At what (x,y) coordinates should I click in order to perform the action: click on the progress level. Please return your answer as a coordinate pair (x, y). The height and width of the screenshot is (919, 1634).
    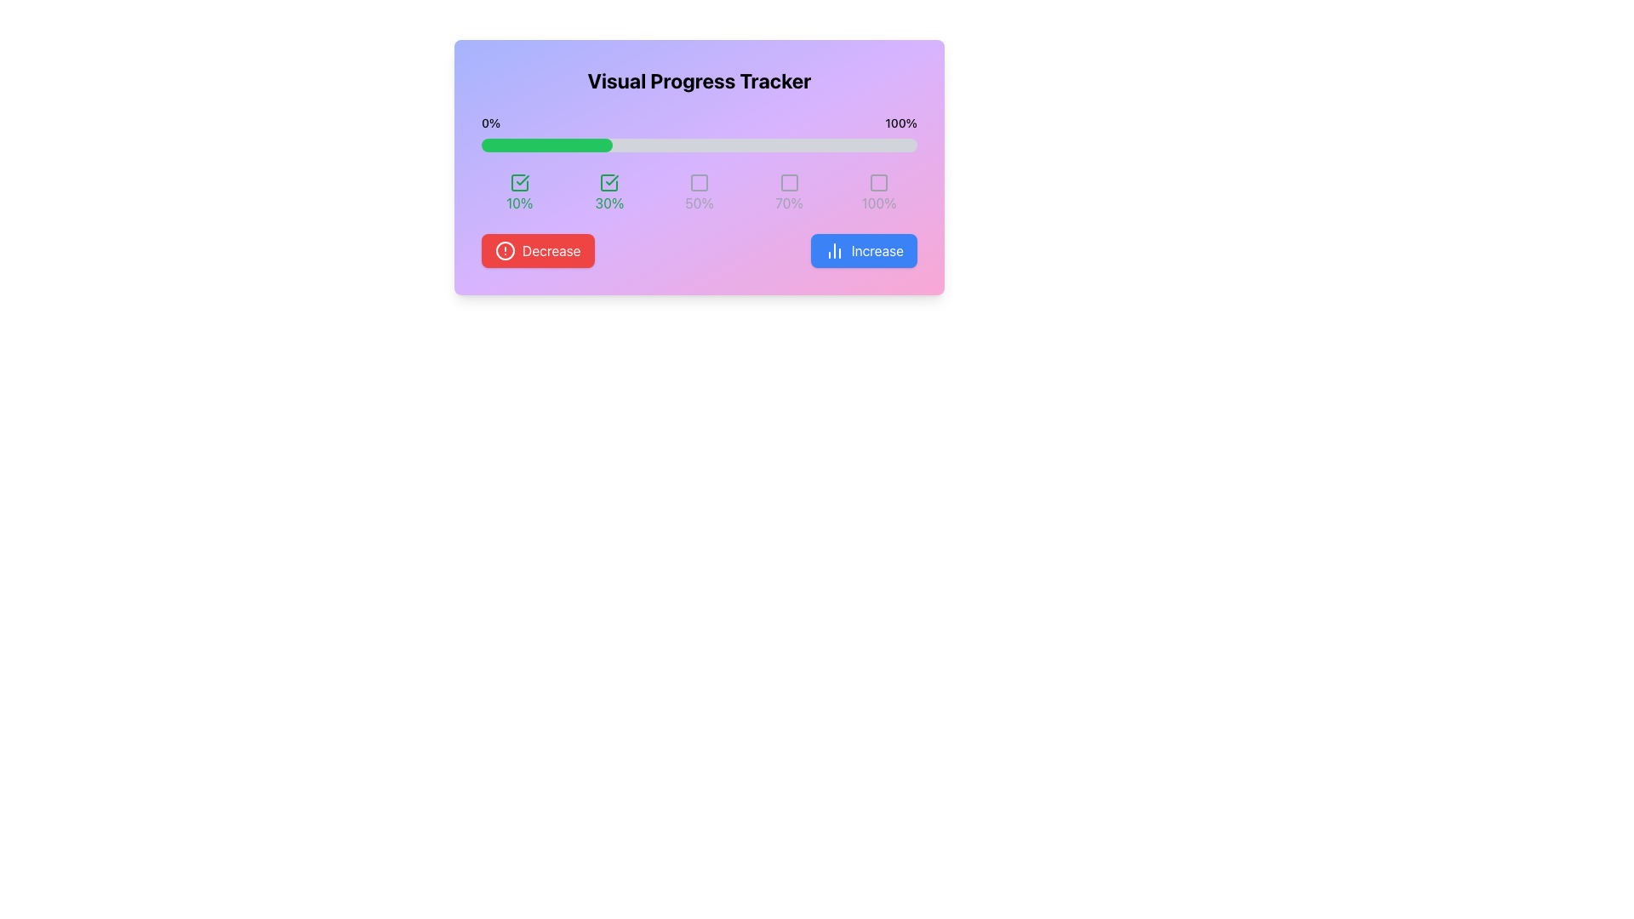
    Looking at the image, I should click on (546, 144).